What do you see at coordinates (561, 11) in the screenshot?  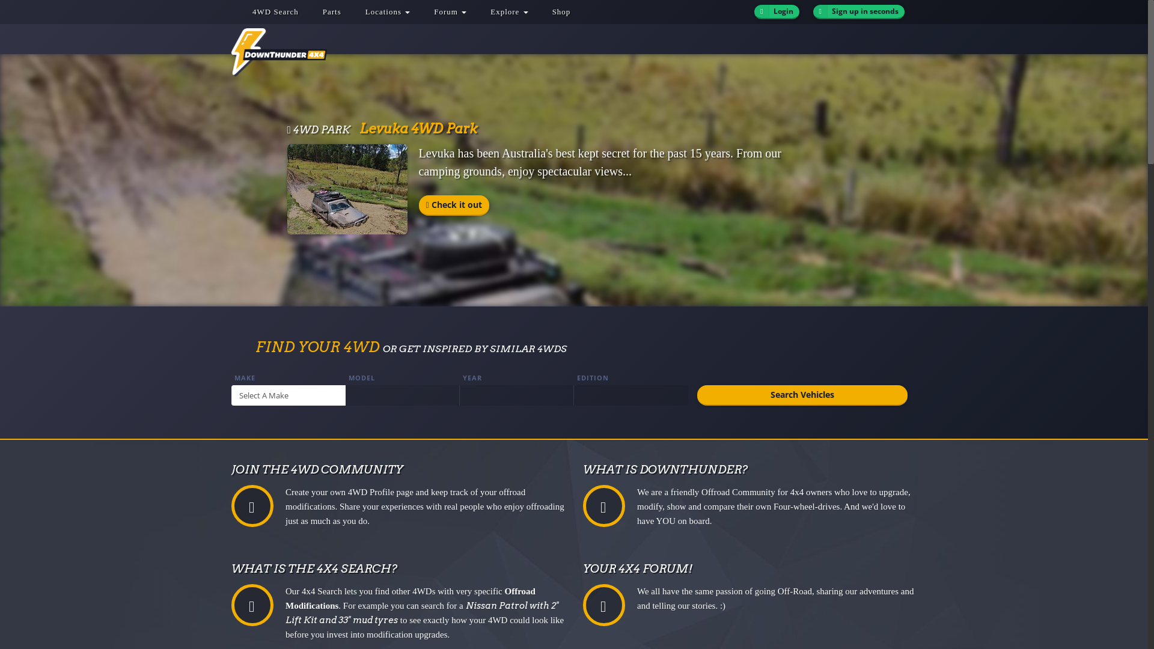 I see `'Shop'` at bounding box center [561, 11].